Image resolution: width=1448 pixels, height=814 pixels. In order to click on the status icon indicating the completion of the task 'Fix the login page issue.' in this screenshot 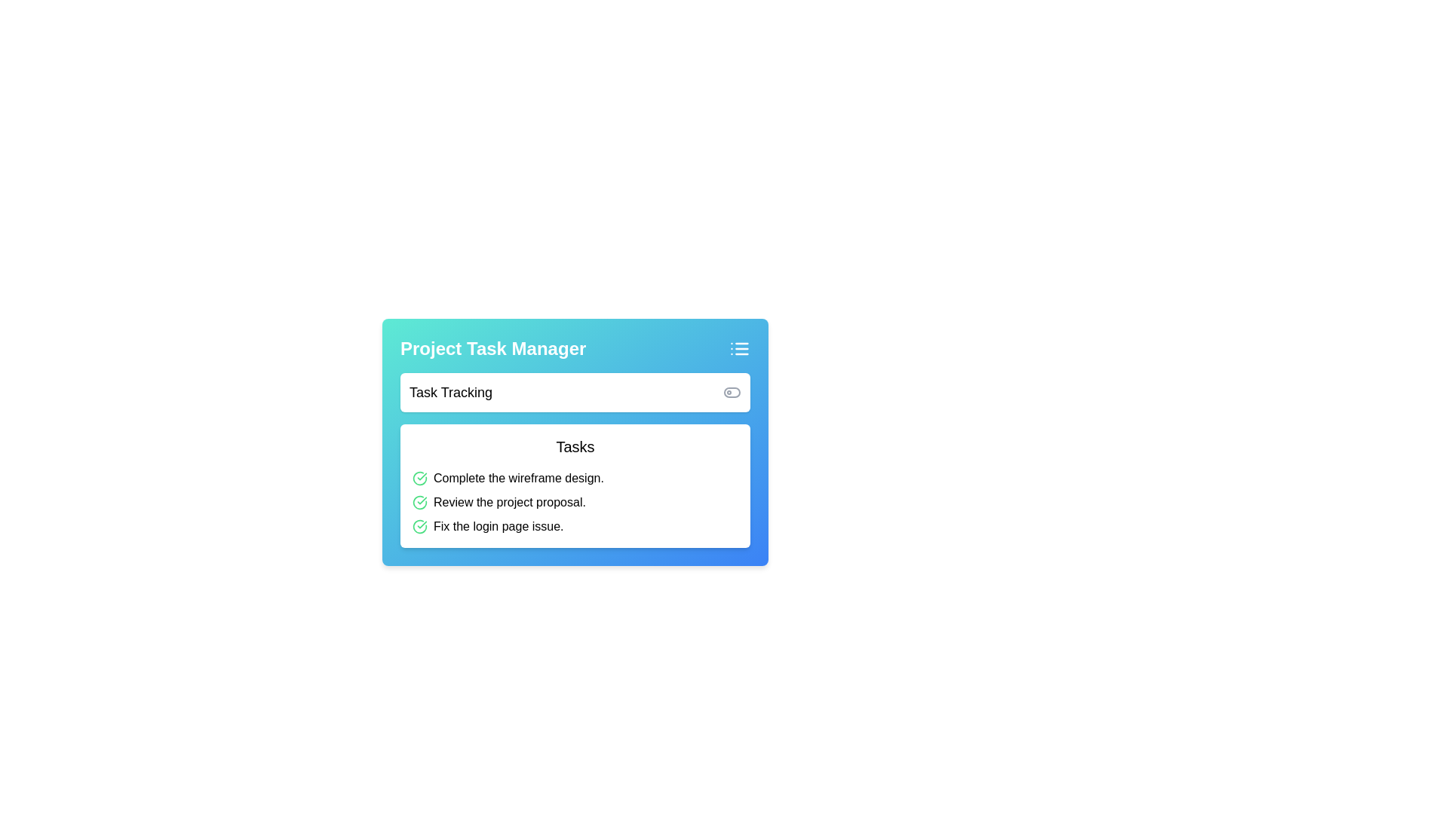, I will do `click(419, 525)`.